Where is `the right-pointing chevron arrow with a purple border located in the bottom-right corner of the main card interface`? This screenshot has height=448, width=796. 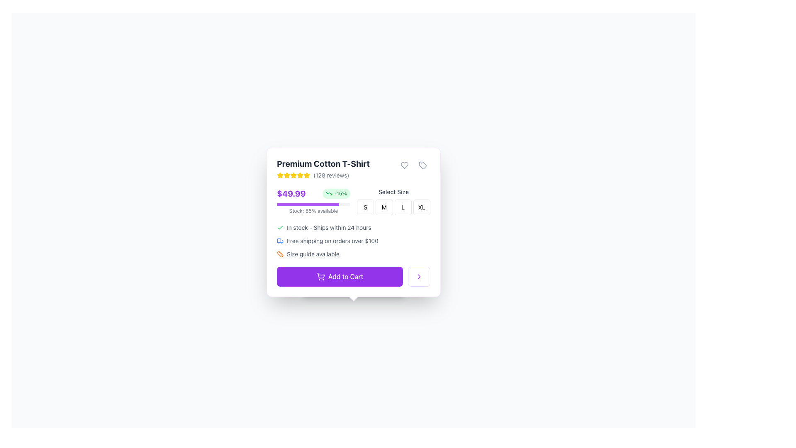
the right-pointing chevron arrow with a purple border located in the bottom-right corner of the main card interface is located at coordinates (419, 277).